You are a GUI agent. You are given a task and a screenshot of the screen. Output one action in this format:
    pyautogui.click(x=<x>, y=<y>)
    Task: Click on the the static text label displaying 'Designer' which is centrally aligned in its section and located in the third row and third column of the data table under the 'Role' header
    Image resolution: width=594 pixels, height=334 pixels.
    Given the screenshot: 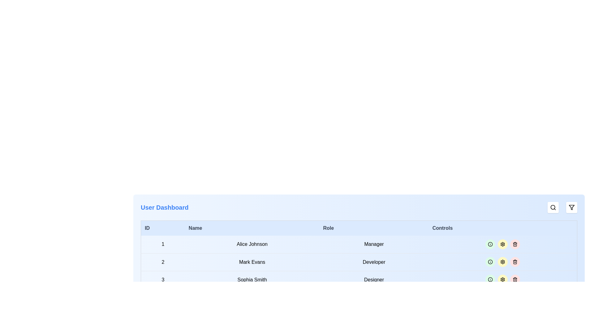 What is the action you would take?
    pyautogui.click(x=374, y=280)
    